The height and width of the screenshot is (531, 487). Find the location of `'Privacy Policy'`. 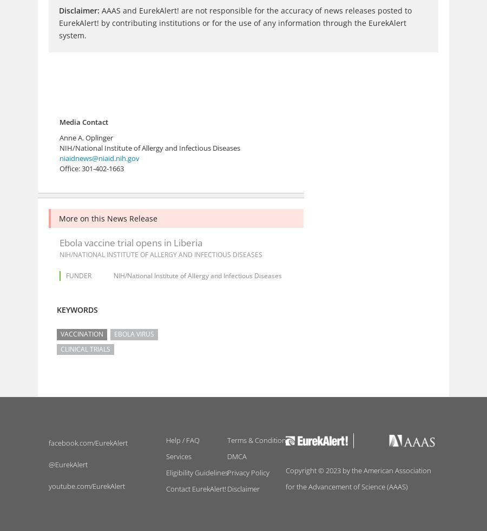

'Privacy Policy' is located at coordinates (247, 472).